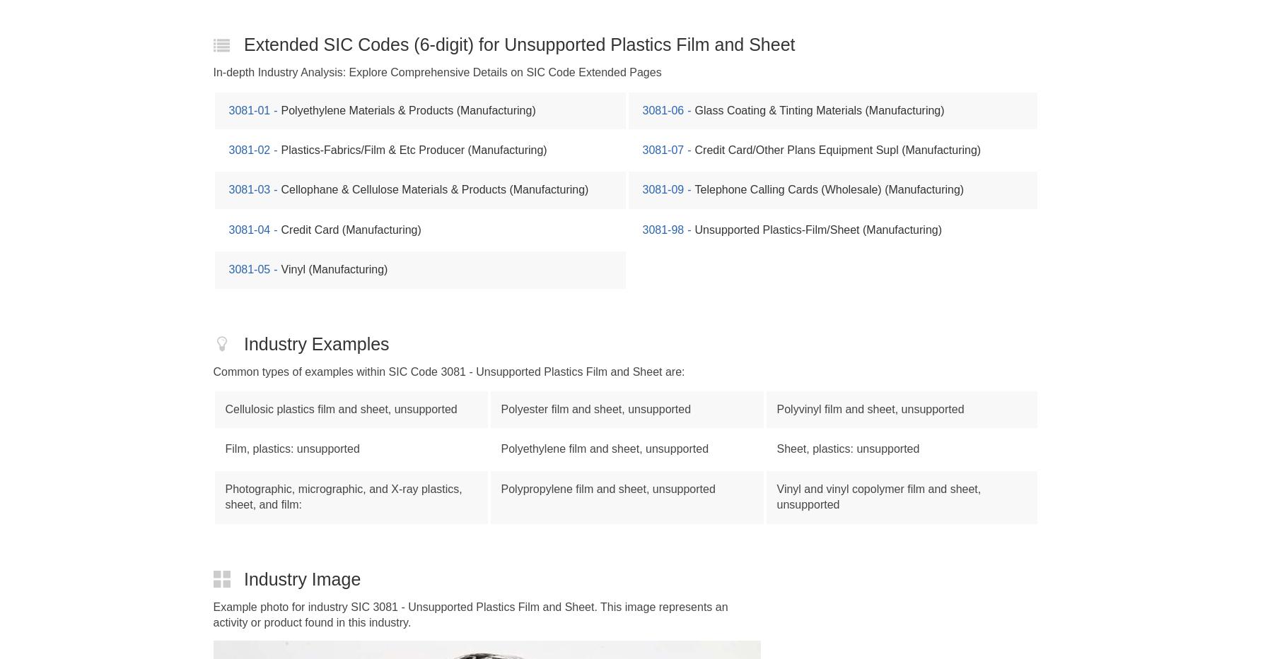 The width and height of the screenshot is (1275, 659). I want to click on 'Common types of examples within SIC Code 3081 - Unsupported Plastics Film and Sheet are:', so click(212, 370).